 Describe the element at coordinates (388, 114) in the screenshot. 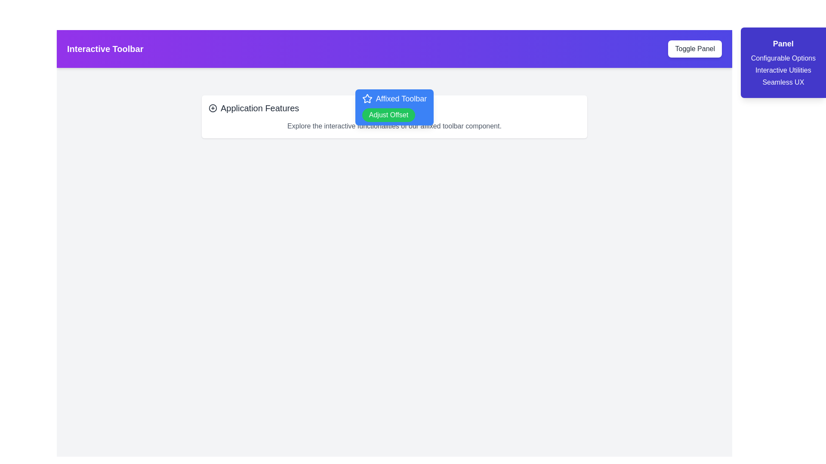

I see `the 'Adjust Offset' button located below the 'Affixed Toolbar' in the blue toolbar popup box` at that location.